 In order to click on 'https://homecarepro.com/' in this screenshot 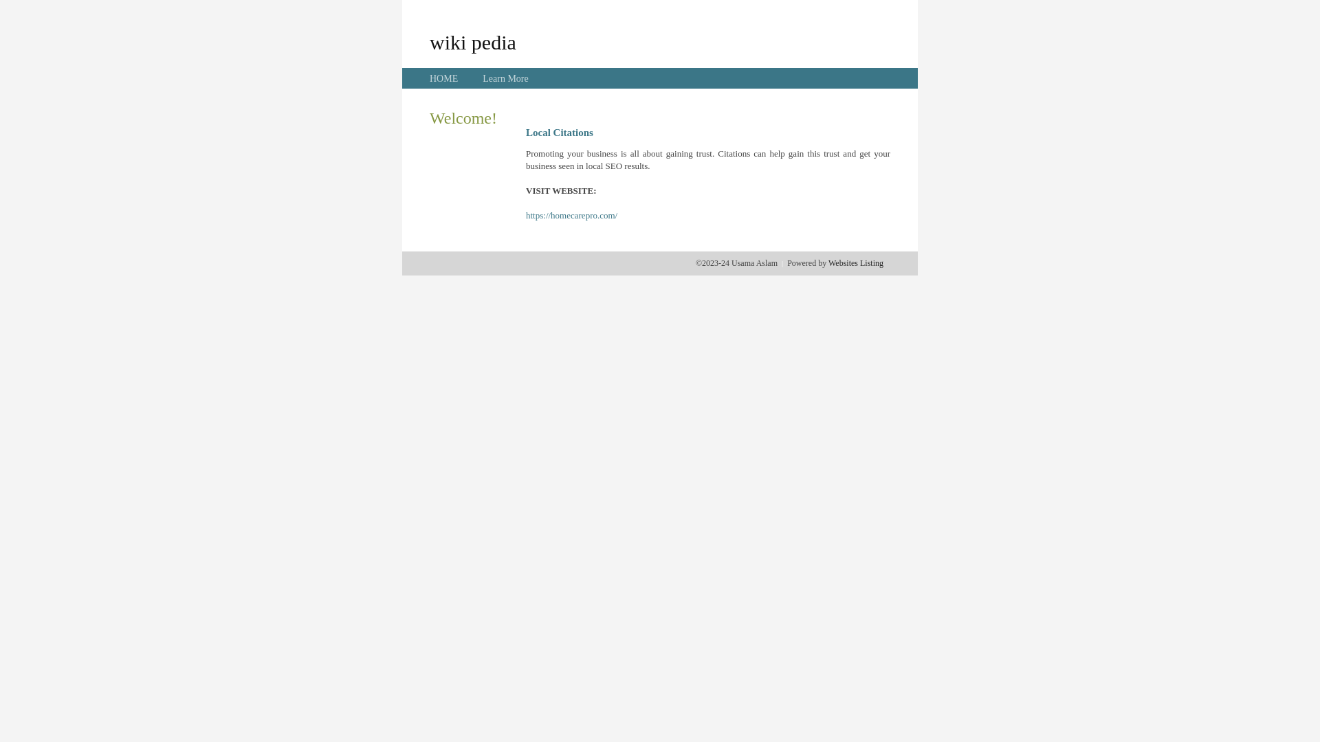, I will do `click(525, 215)`.